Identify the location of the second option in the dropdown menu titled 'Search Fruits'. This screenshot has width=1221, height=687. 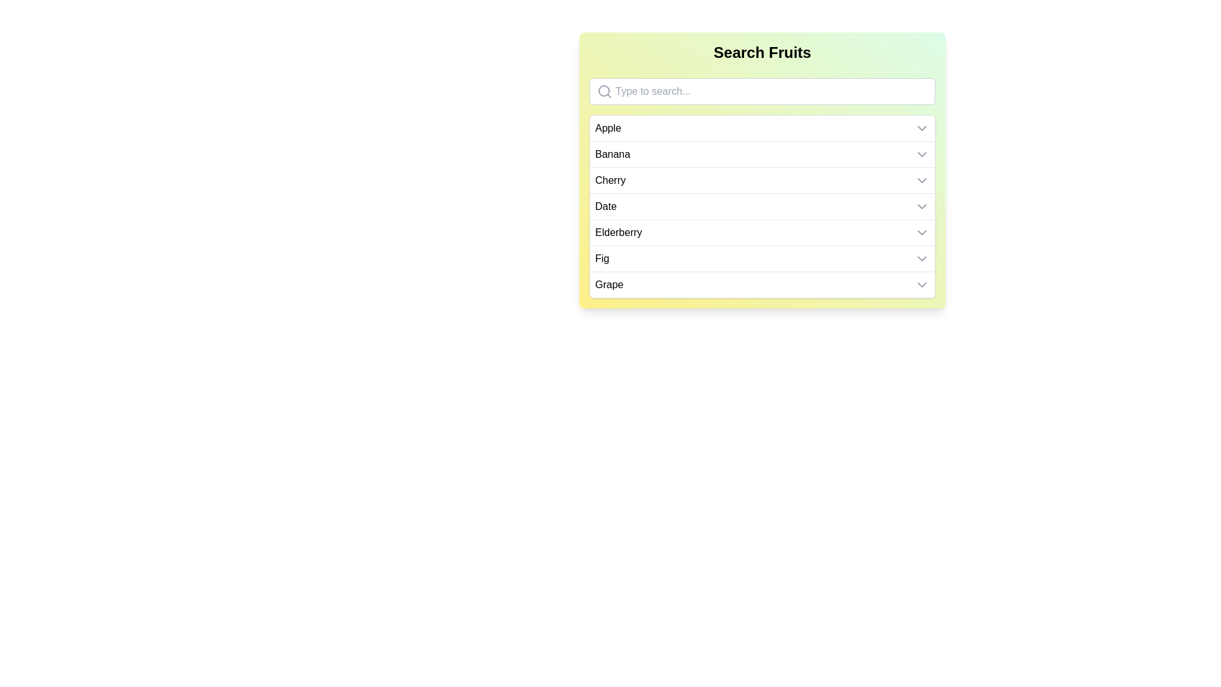
(762, 154).